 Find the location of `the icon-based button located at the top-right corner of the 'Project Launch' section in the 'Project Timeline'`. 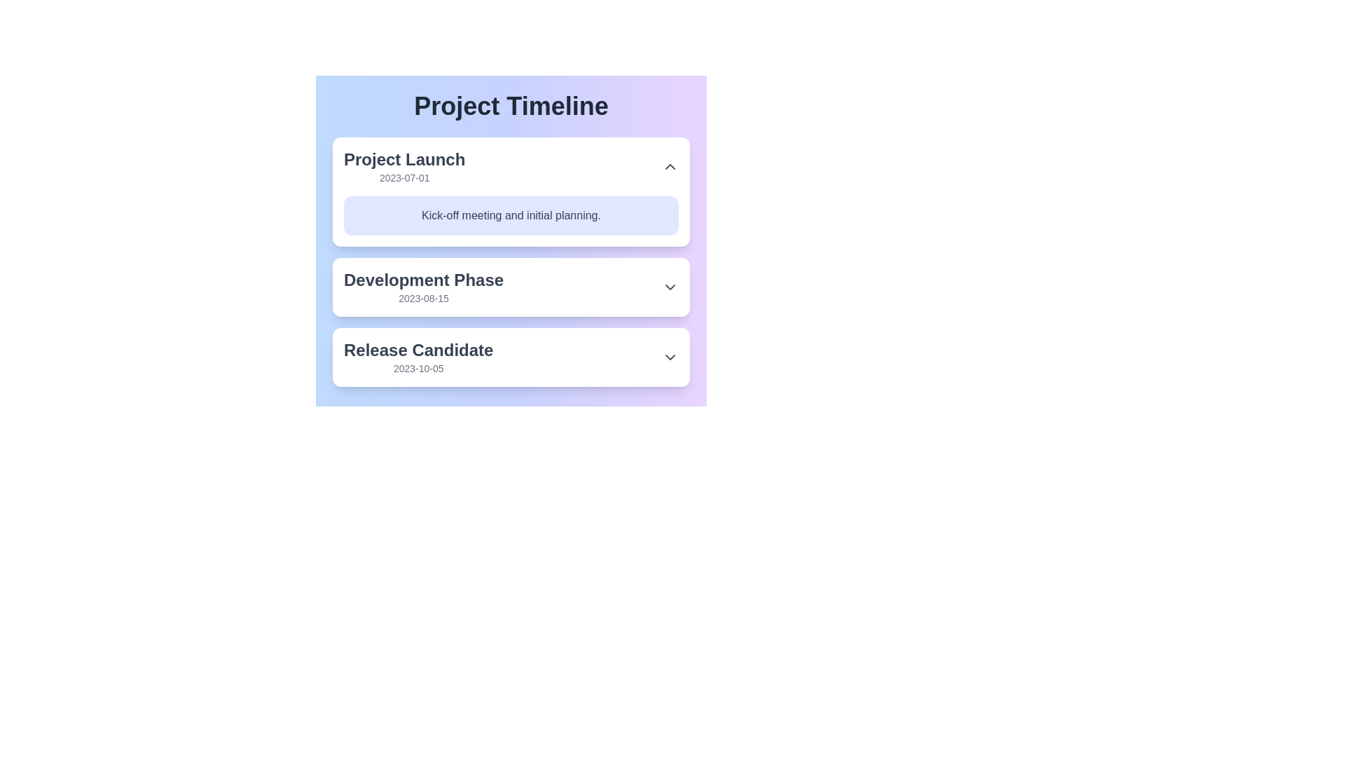

the icon-based button located at the top-right corner of the 'Project Launch' section in the 'Project Timeline' is located at coordinates (669, 166).